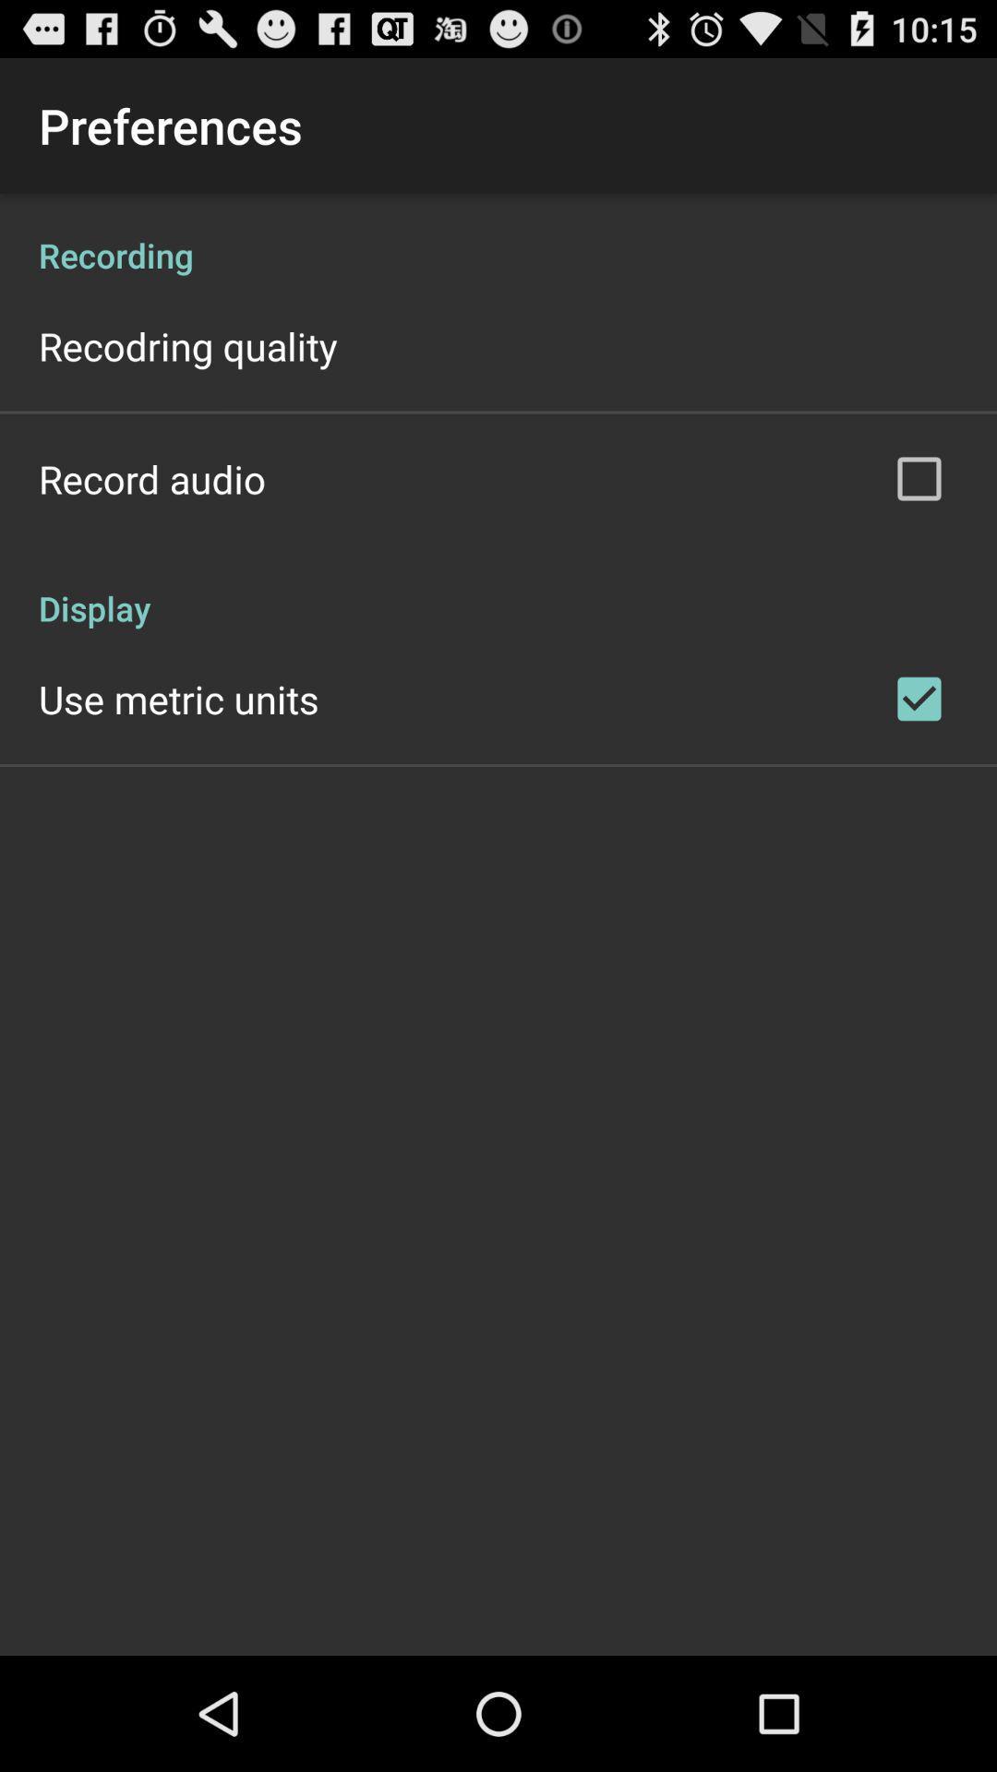 This screenshot has height=1772, width=997. Describe the element at coordinates (151, 478) in the screenshot. I see `record audio` at that location.